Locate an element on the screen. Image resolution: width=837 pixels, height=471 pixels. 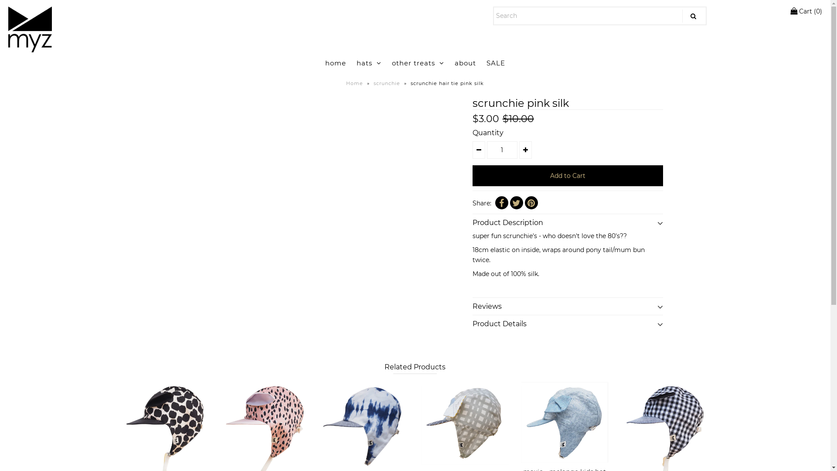
'Product Description' is located at coordinates (568, 220).